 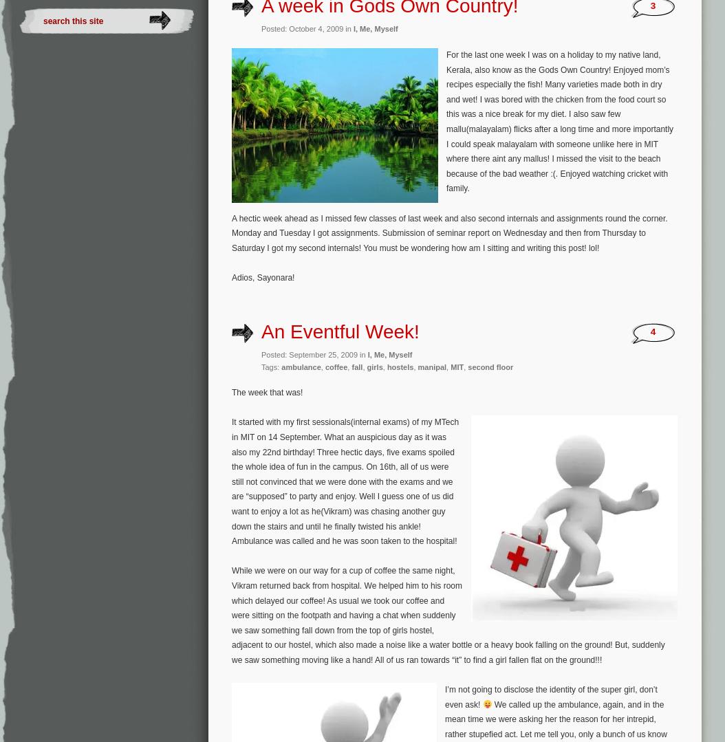 What do you see at coordinates (301, 367) in the screenshot?
I see `'ambulance'` at bounding box center [301, 367].